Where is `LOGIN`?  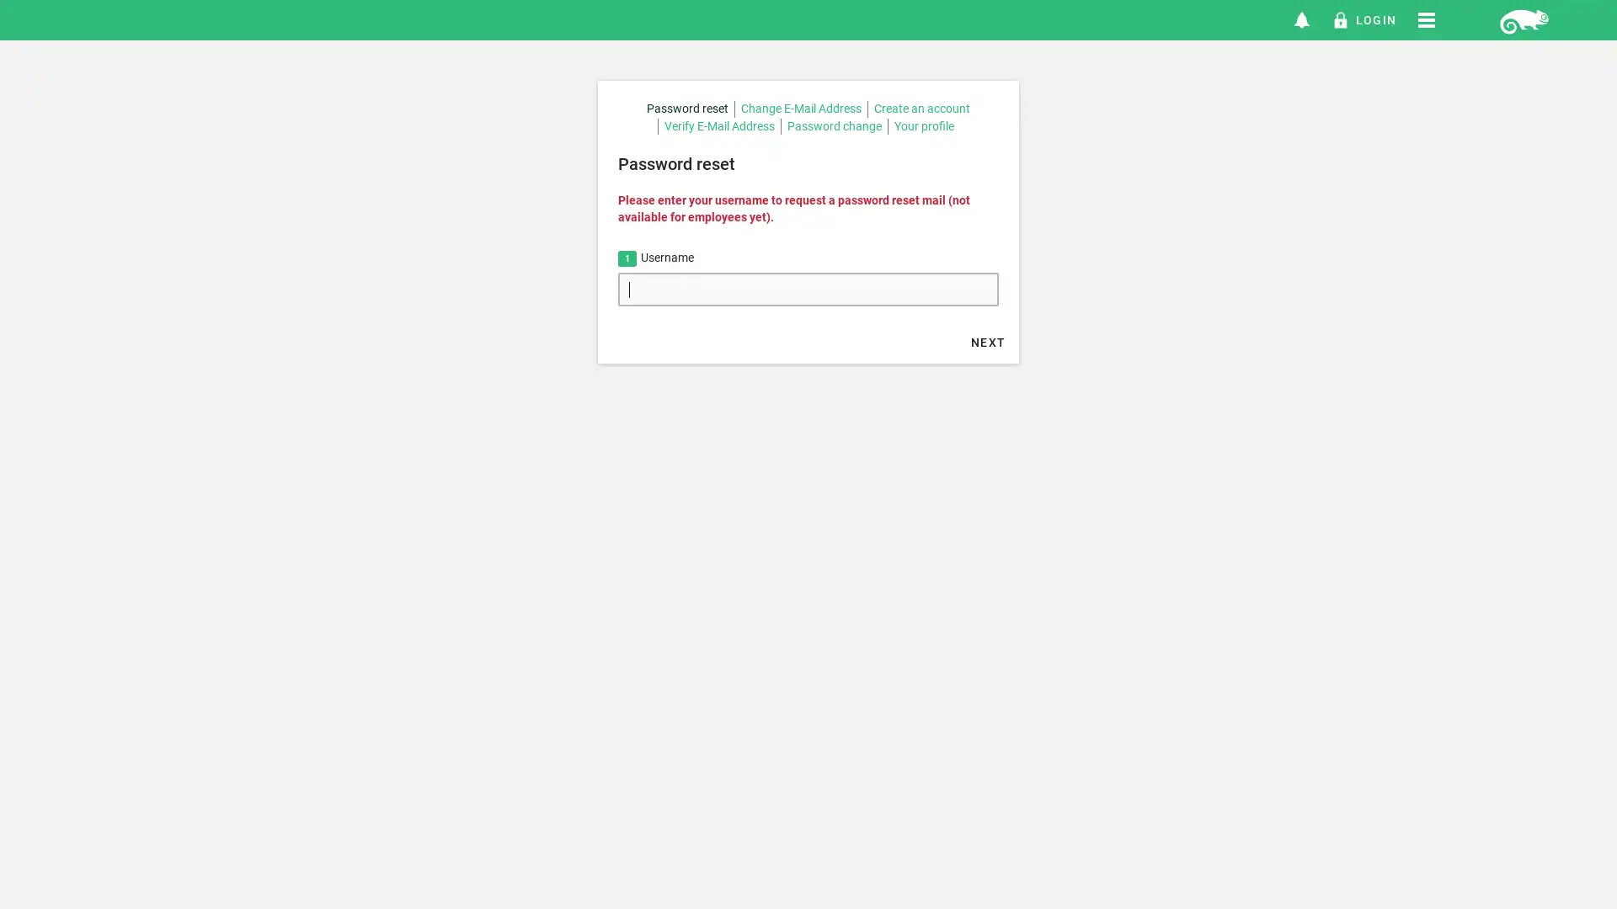 LOGIN is located at coordinates (1364, 19).